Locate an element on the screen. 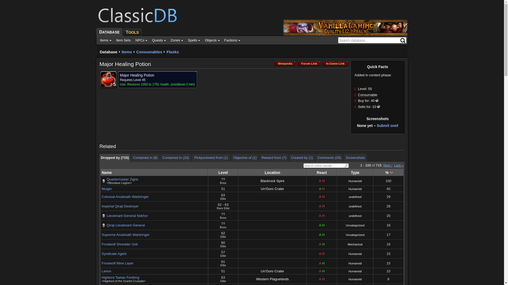  'Muigin' is located at coordinates (102, 188).